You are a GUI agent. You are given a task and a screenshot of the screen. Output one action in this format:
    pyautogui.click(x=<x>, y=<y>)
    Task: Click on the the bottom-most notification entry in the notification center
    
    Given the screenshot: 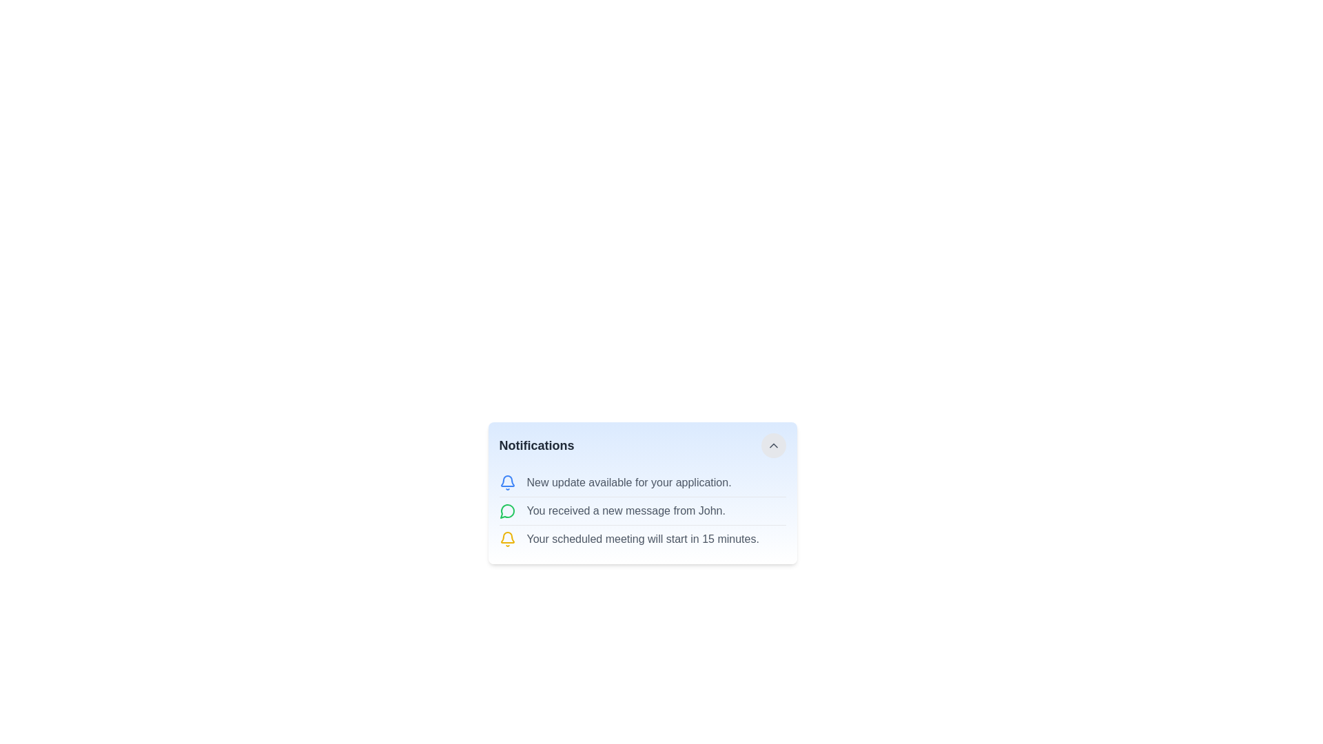 What is the action you would take?
    pyautogui.click(x=642, y=531)
    